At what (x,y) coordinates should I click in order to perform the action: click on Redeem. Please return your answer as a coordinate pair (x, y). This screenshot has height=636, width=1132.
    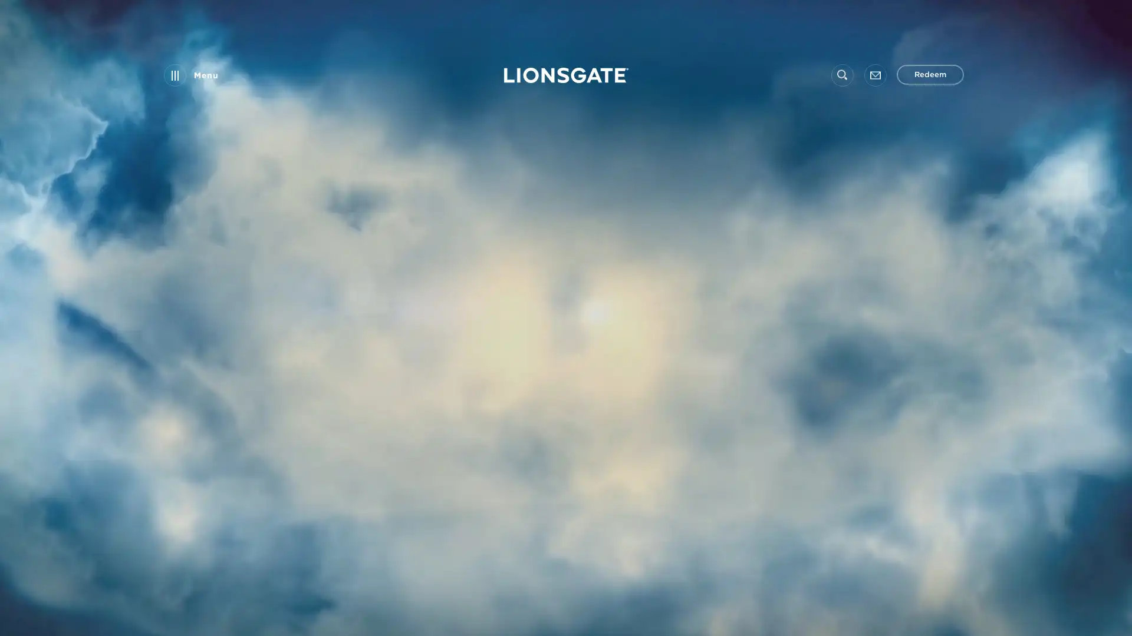
    Looking at the image, I should click on (930, 75).